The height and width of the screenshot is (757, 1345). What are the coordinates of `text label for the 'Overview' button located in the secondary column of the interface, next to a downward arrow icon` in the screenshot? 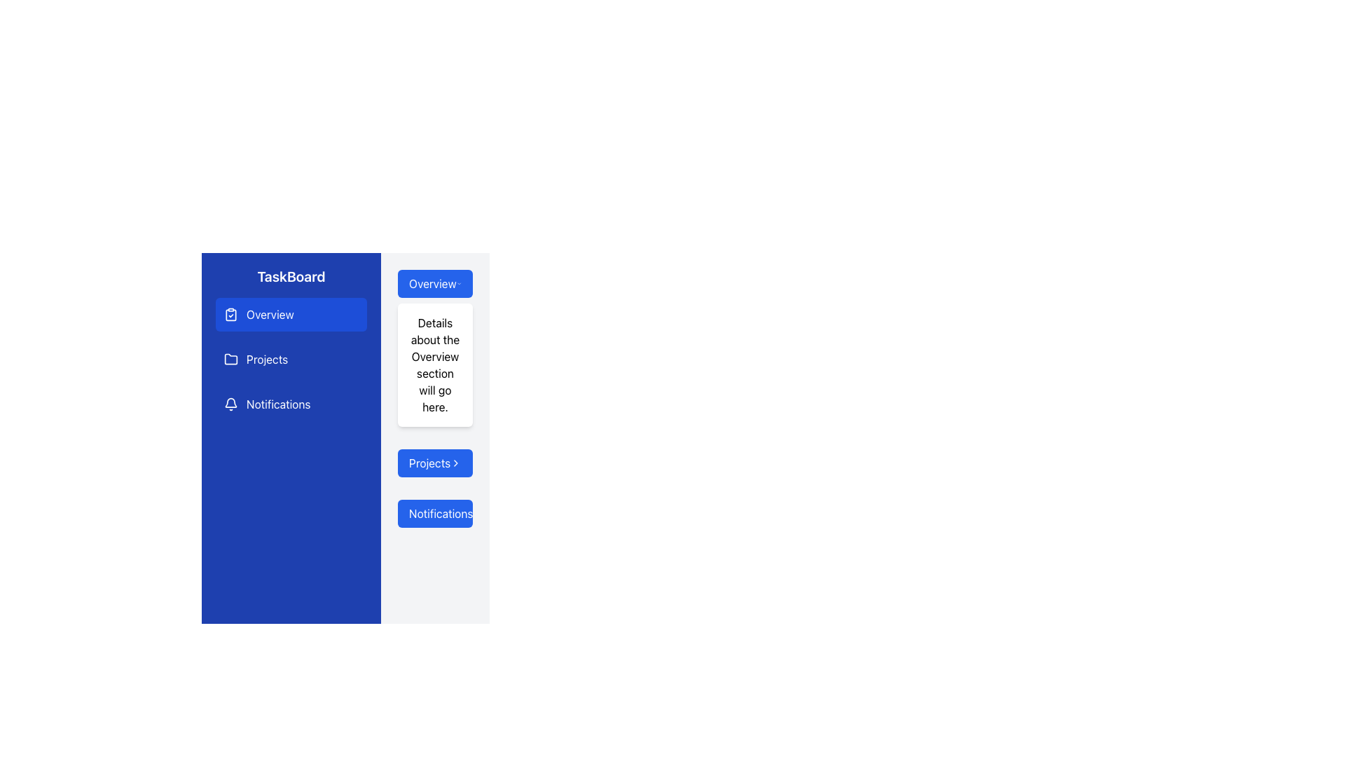 It's located at (432, 284).